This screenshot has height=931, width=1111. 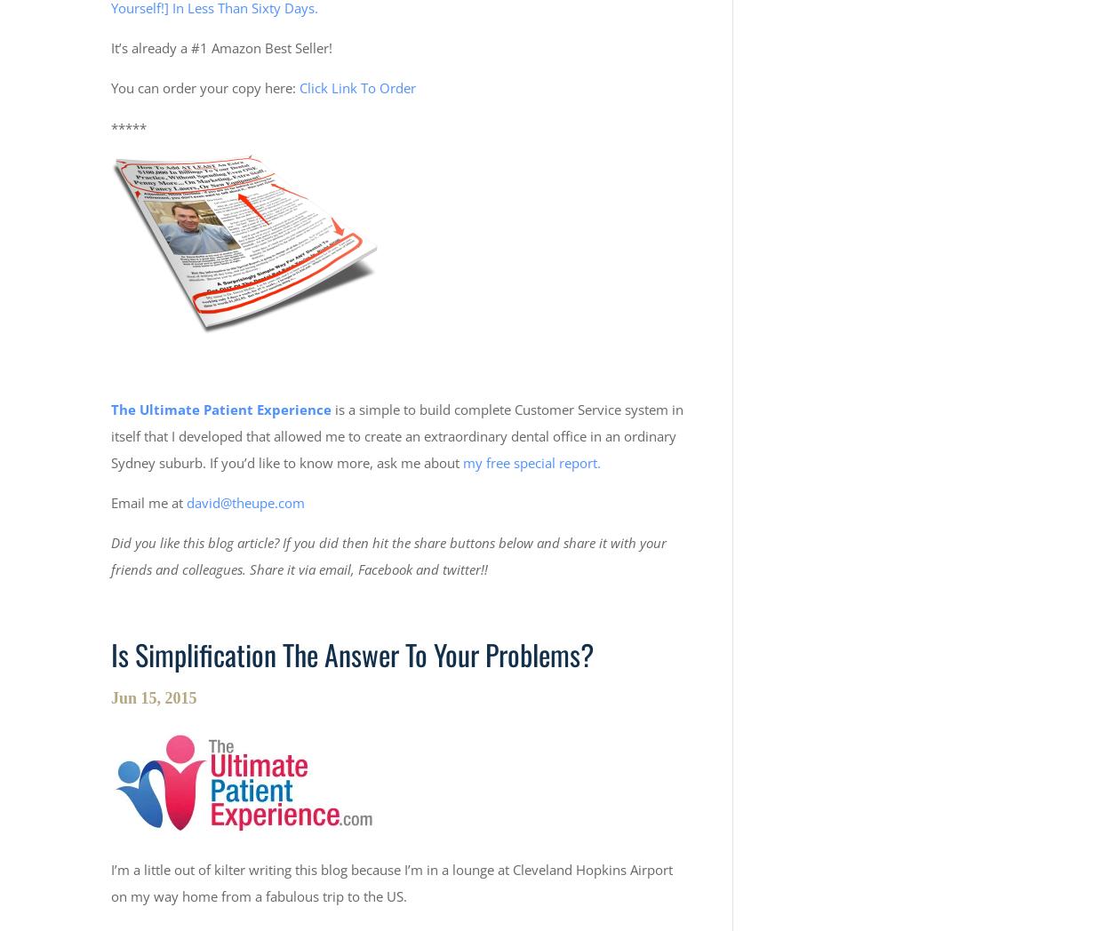 I want to click on 'I’m a little out of kilter writing this blog because I’m in a lounge at Cleveland Hopkins Airport on my way home from a fabulous trip to the US.', so click(x=391, y=880).